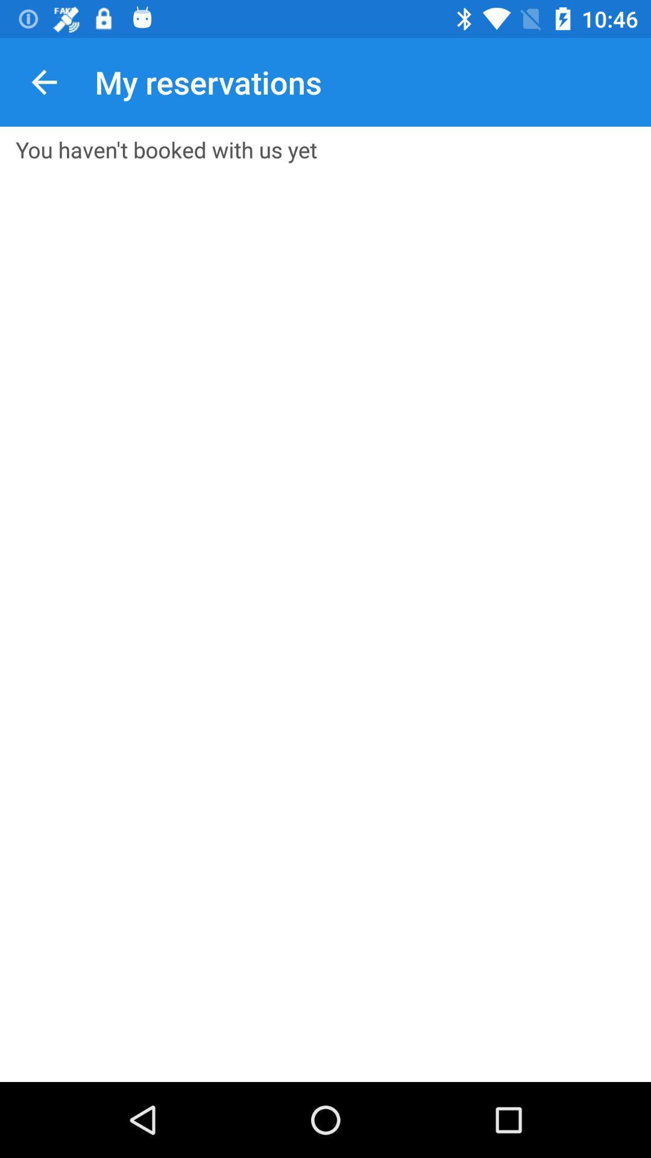 The image size is (651, 1158). What do you see at coordinates (43, 81) in the screenshot?
I see `the icon to the left of my reservations icon` at bounding box center [43, 81].